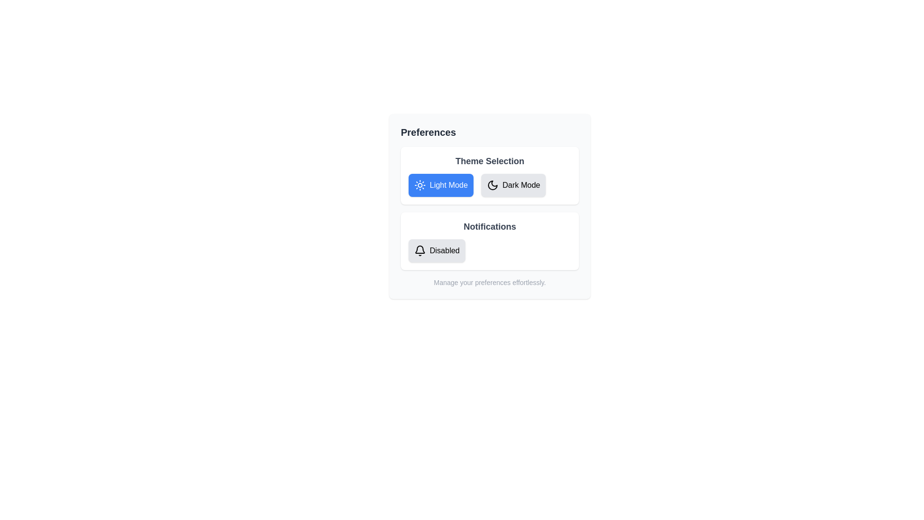 This screenshot has height=520, width=924. Describe the element at coordinates (521, 185) in the screenshot. I see `the 'Dark Mode' text label located in the 'Theme Selection' section of the Preferences panel` at that location.